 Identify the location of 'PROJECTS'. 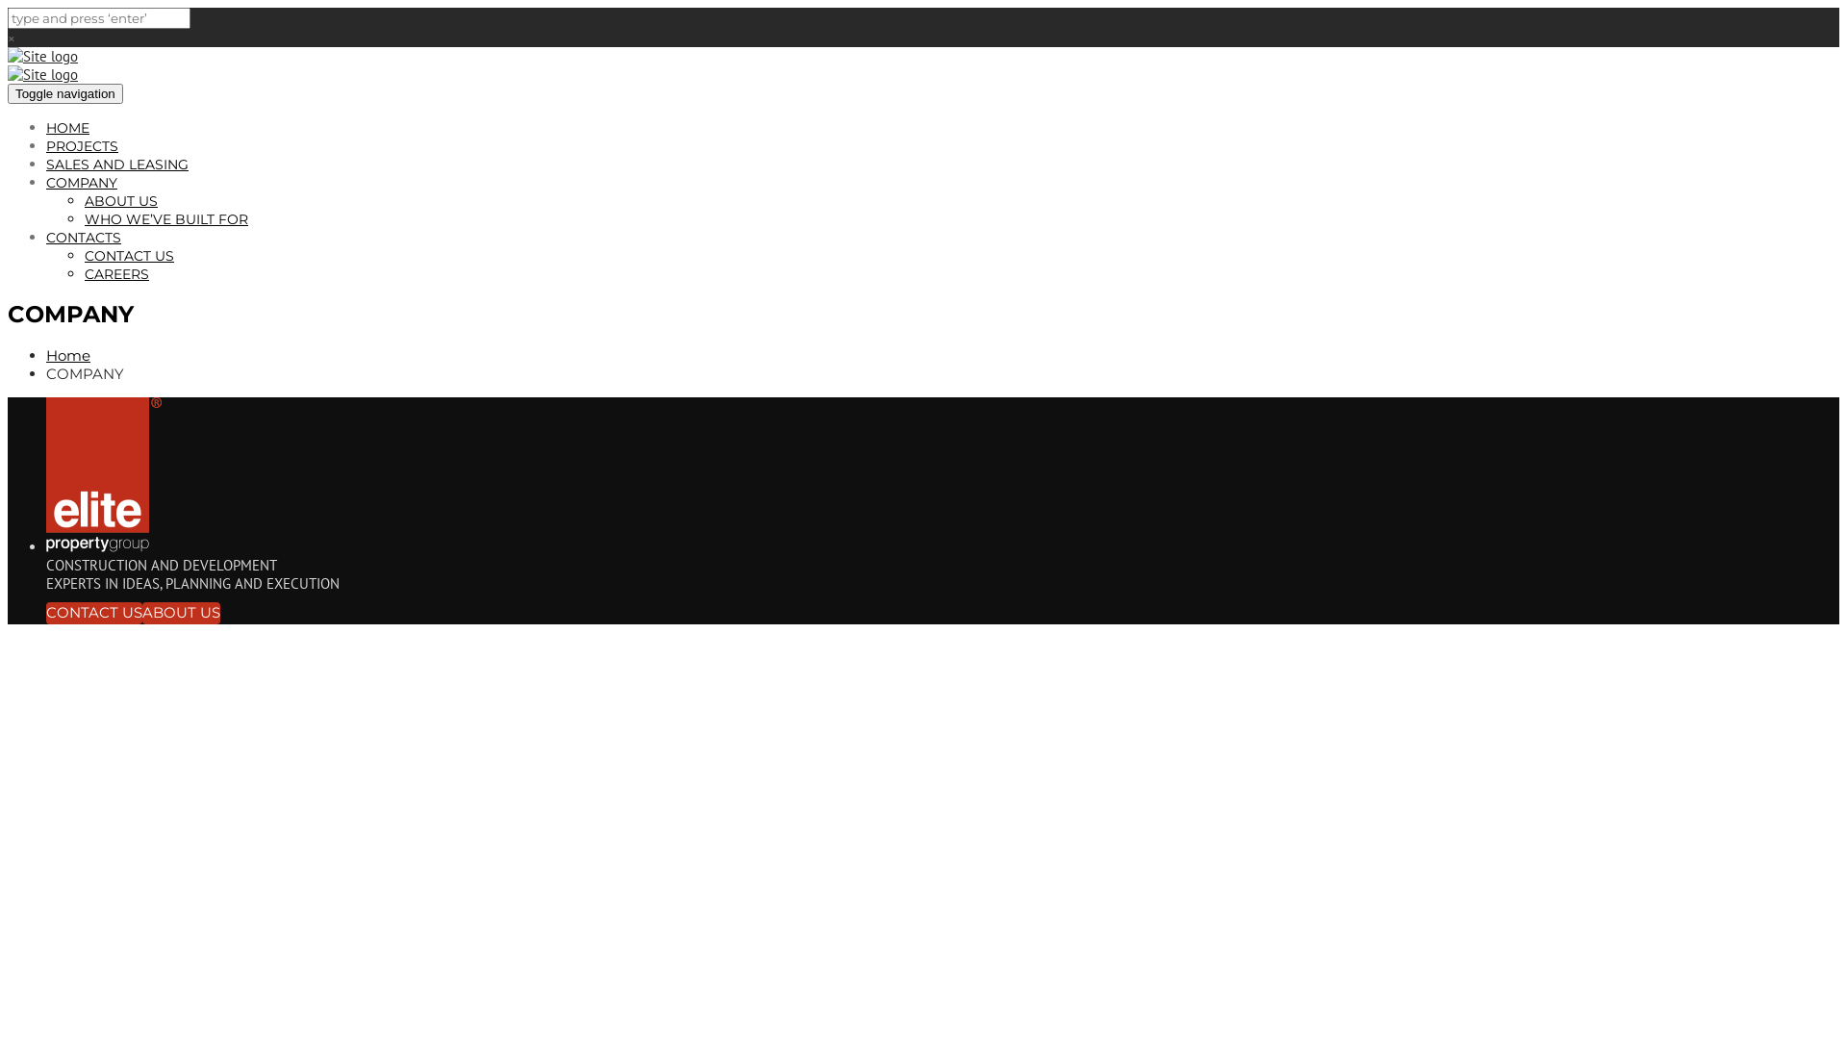
(81, 144).